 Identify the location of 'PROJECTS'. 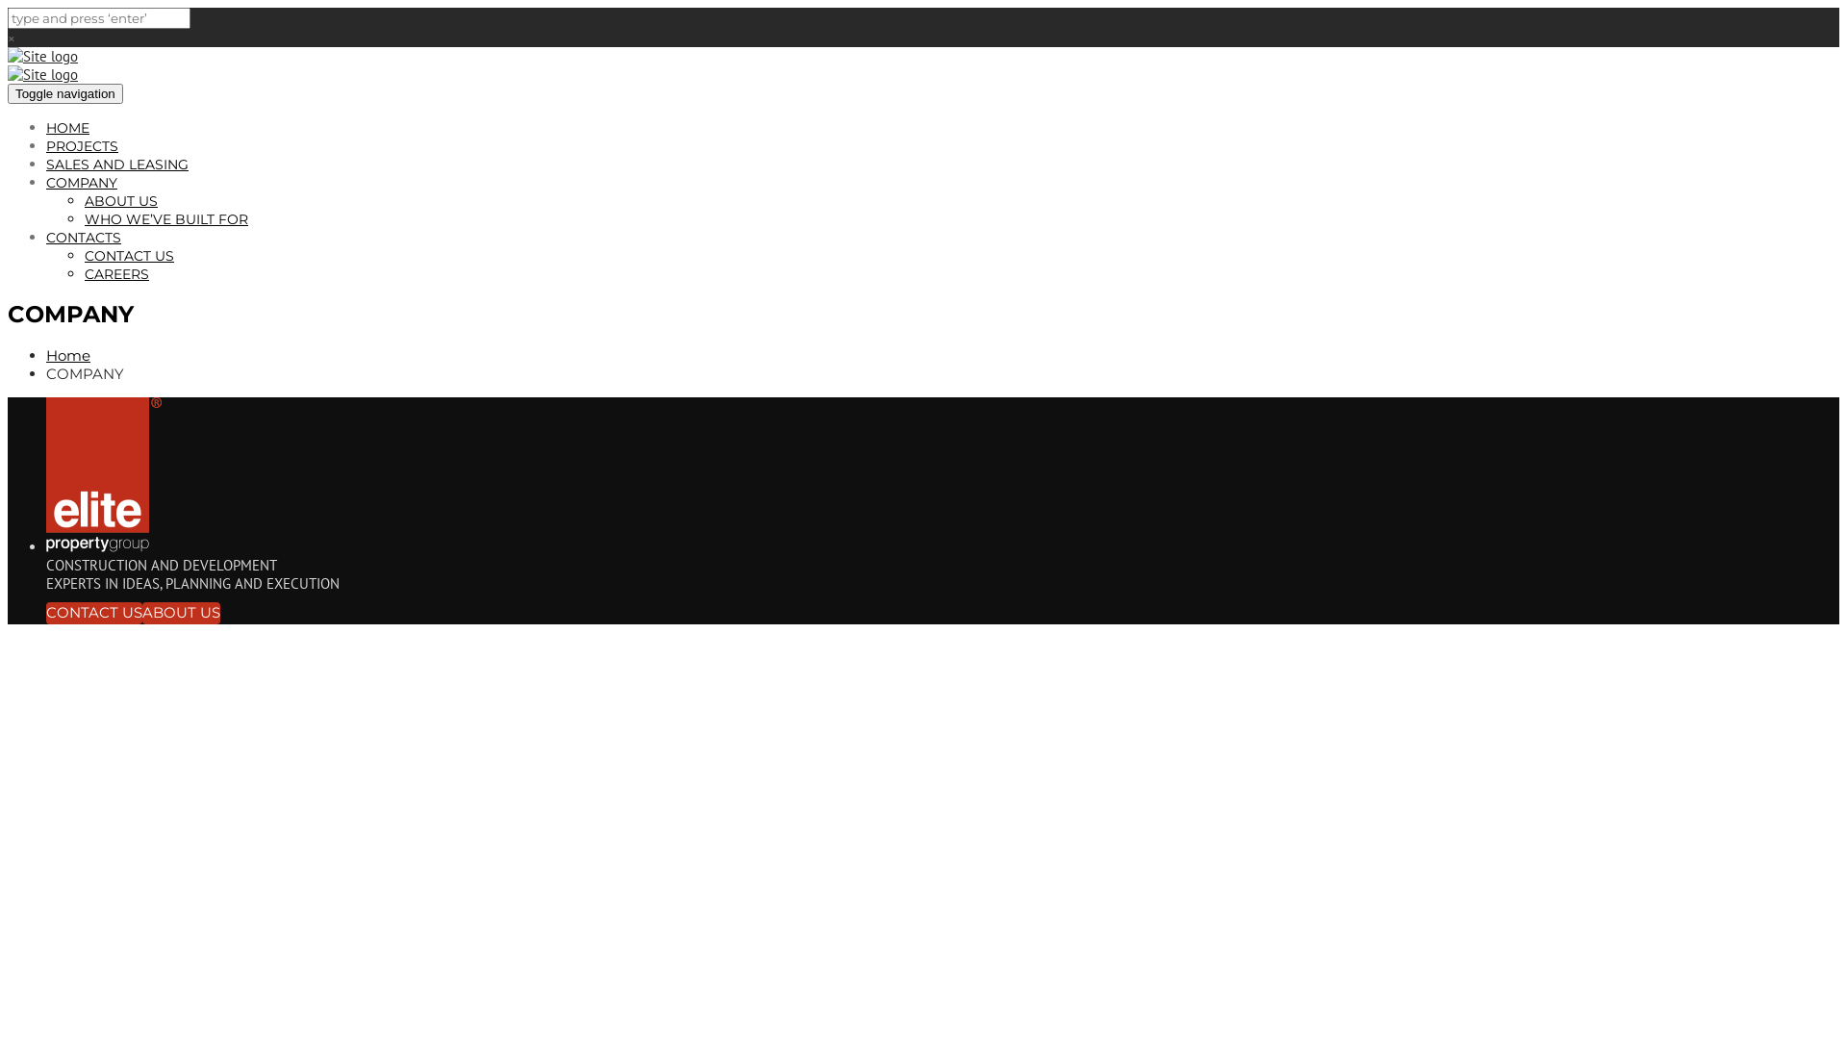
(81, 144).